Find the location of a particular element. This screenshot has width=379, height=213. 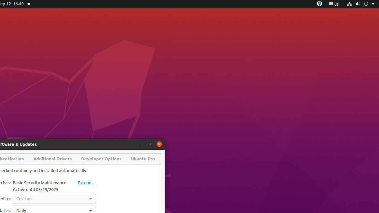

'Developer Options' is located at coordinates (101, 158).